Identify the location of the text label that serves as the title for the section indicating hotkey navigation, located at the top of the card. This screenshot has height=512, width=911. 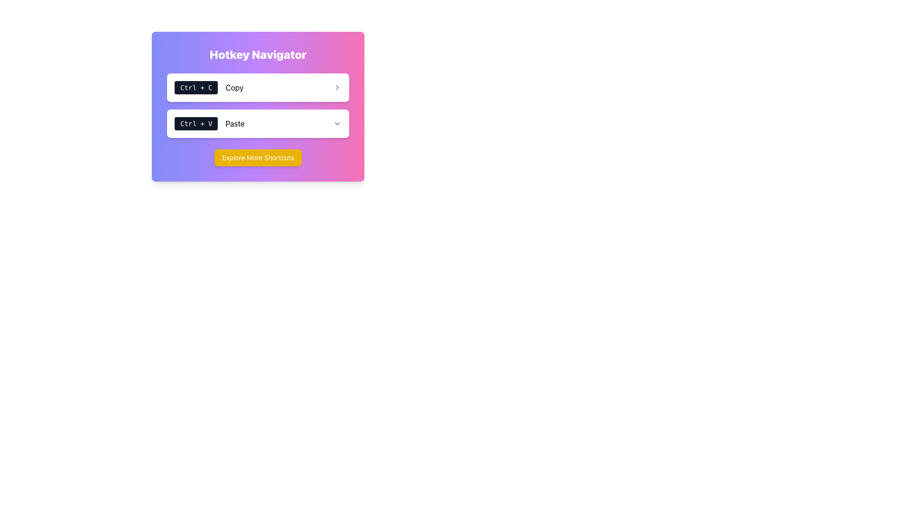
(258, 55).